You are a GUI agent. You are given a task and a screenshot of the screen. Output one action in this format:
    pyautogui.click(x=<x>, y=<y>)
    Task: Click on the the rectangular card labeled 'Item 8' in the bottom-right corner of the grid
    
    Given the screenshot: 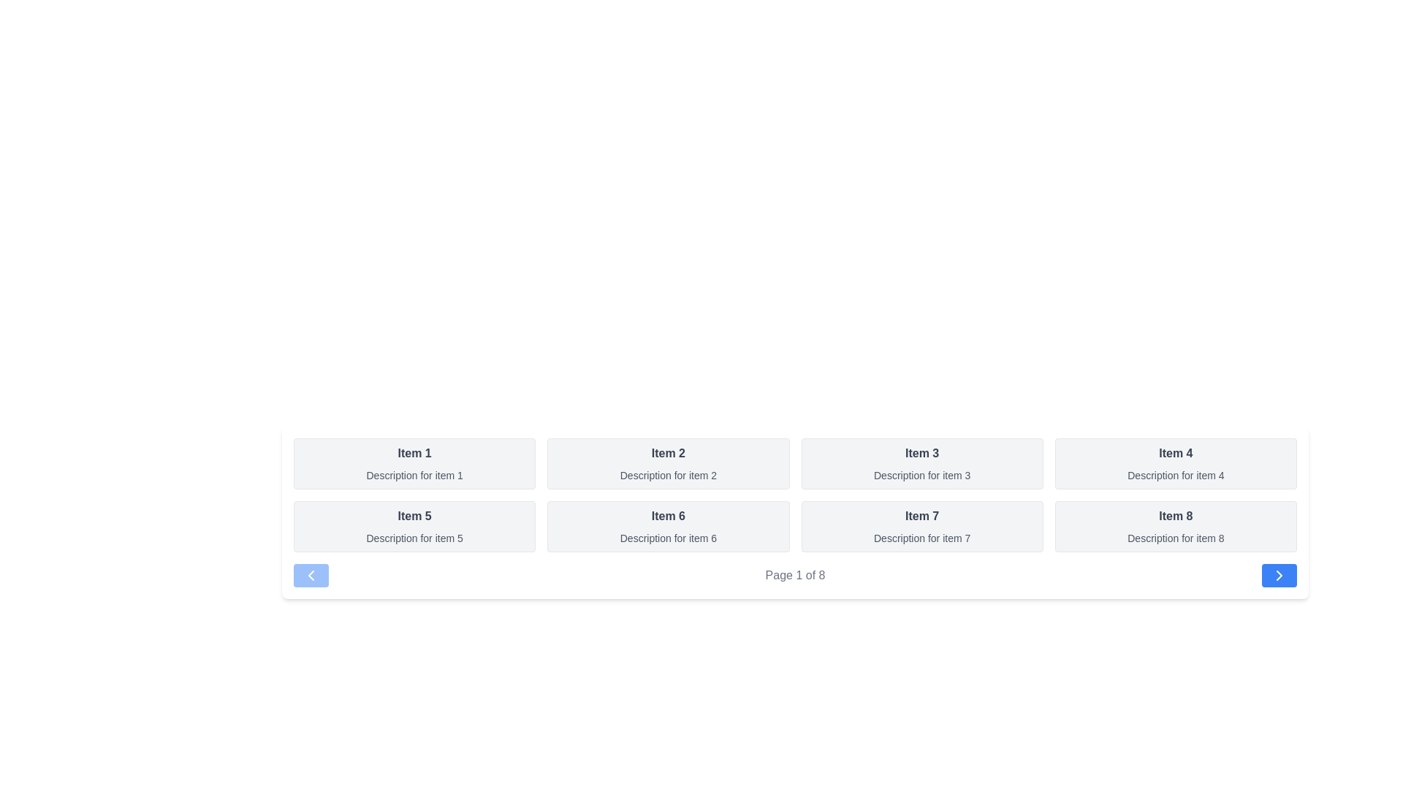 What is the action you would take?
    pyautogui.click(x=1176, y=527)
    